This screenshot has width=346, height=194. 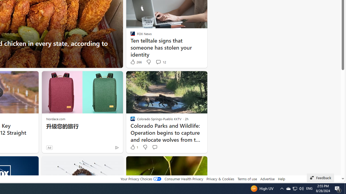 I want to click on 'Your Privacy Choices', so click(x=141, y=179).